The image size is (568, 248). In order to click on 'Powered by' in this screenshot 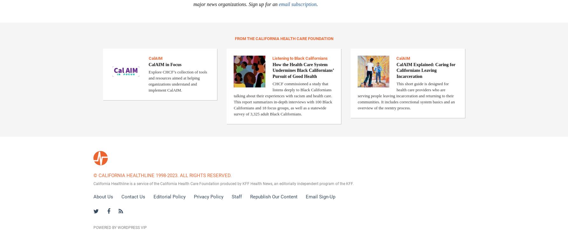, I will do `click(105, 227)`.